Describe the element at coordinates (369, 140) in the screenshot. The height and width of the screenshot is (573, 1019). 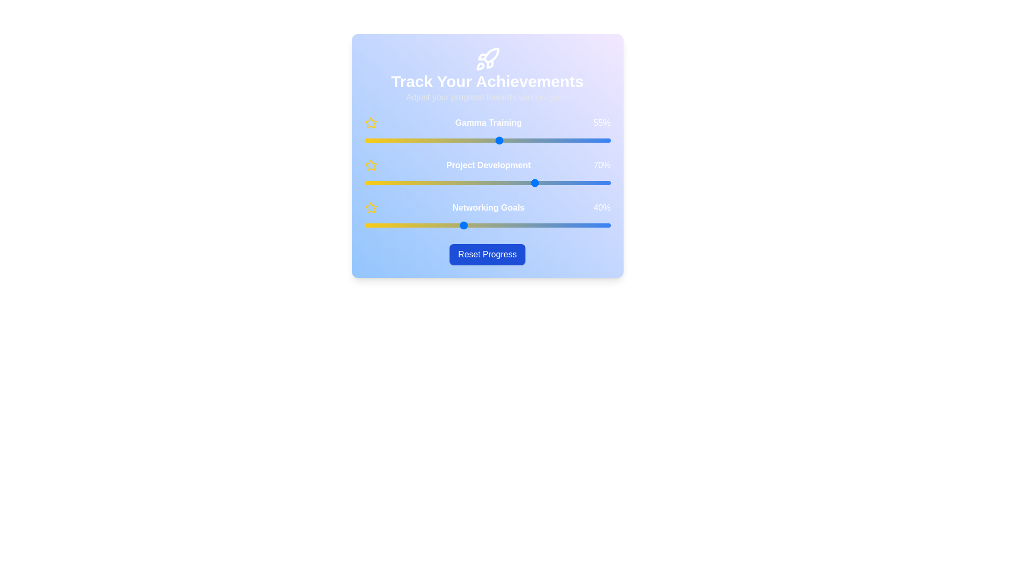
I see `the 'Gamma Training' slider to 2%` at that location.